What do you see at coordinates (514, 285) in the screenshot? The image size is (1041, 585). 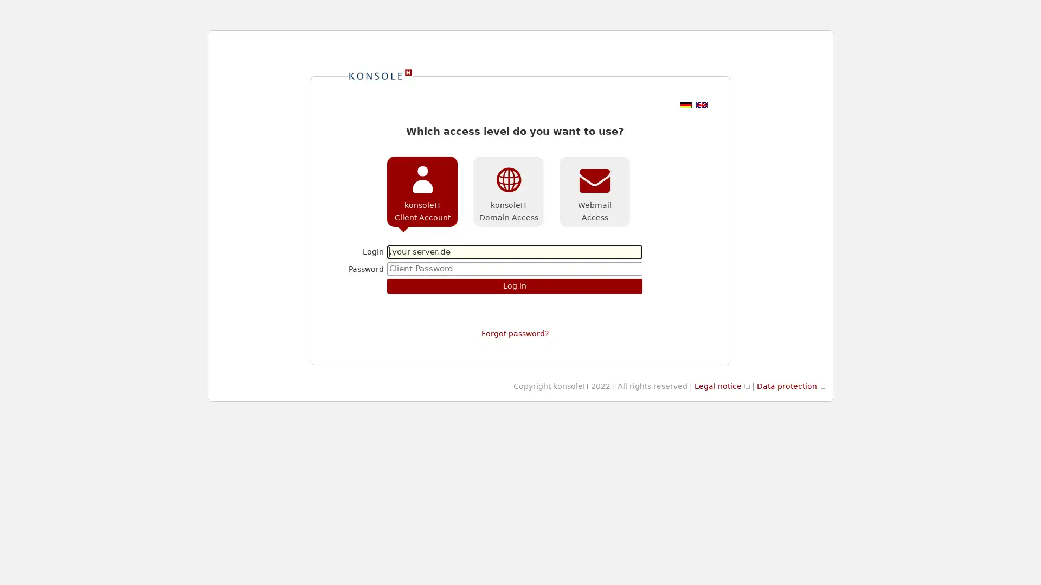 I see `Log in` at bounding box center [514, 285].